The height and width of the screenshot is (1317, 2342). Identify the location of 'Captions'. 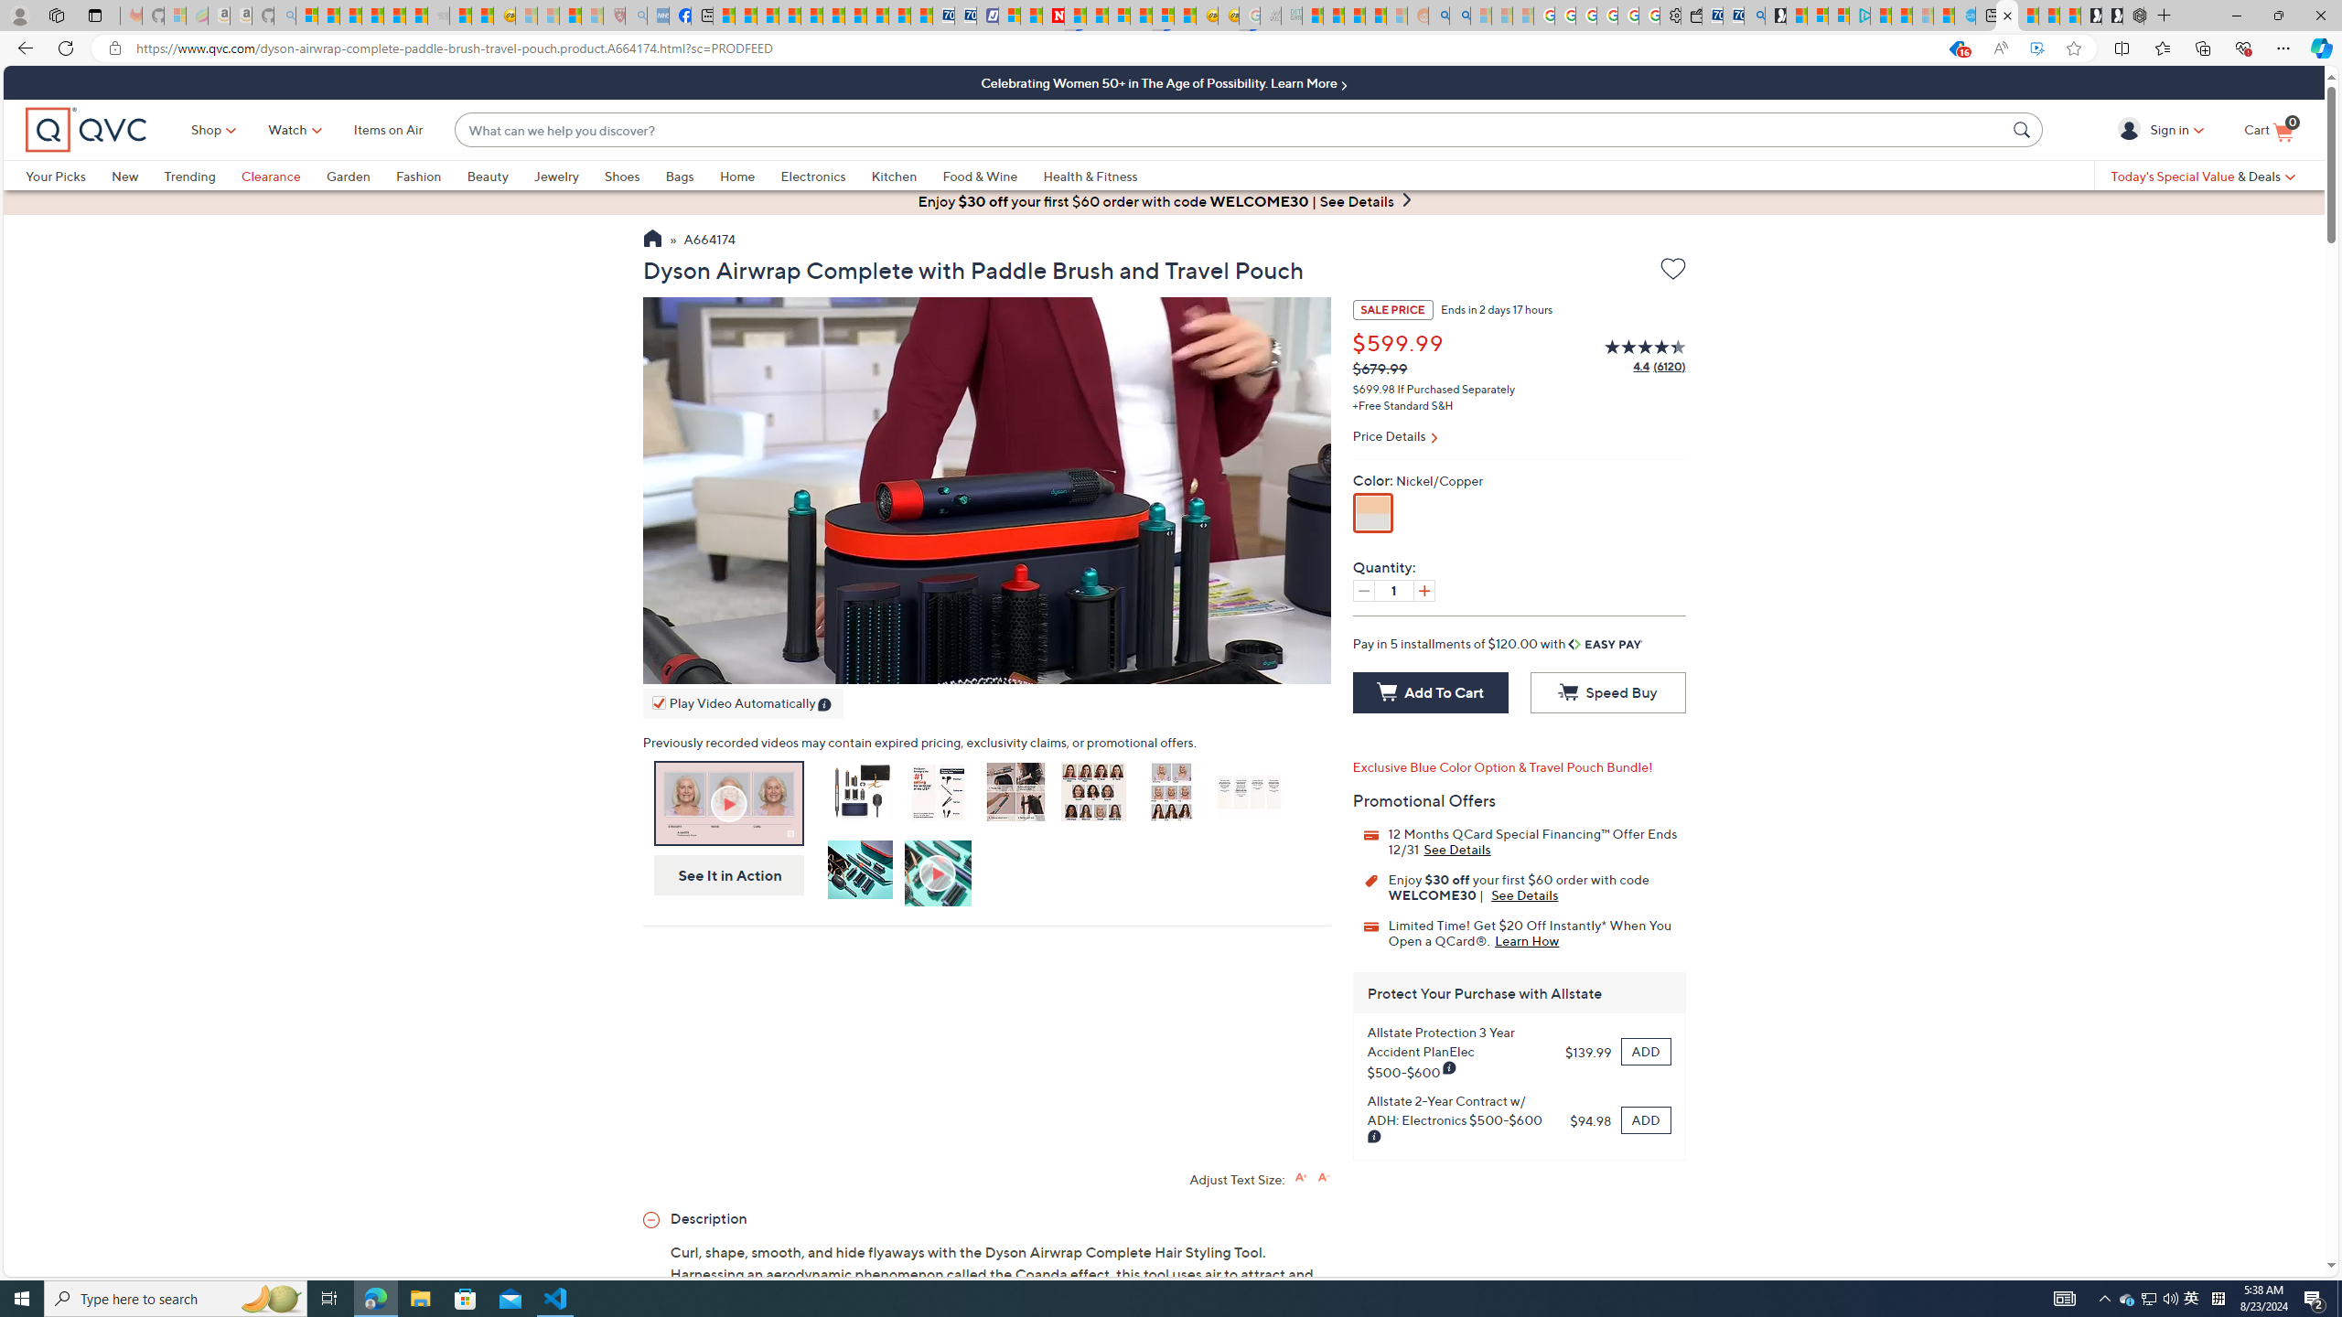
(1194, 665).